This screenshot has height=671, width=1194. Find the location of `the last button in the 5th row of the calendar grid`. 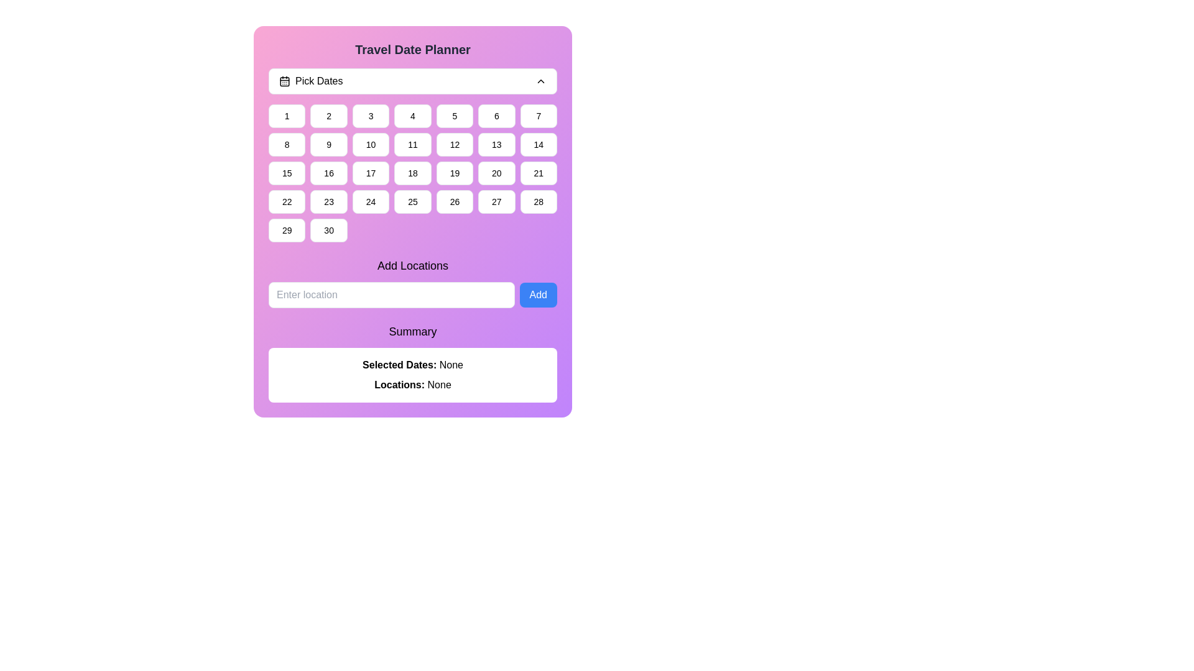

the last button in the 5th row of the calendar grid is located at coordinates (286, 230).